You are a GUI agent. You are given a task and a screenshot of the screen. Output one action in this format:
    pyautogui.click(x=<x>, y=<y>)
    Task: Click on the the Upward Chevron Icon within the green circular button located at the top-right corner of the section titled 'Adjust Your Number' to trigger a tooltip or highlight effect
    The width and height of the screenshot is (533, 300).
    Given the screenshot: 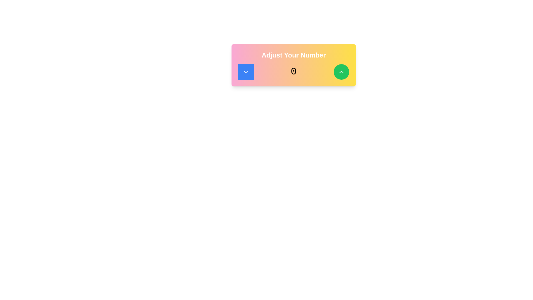 What is the action you would take?
    pyautogui.click(x=341, y=71)
    